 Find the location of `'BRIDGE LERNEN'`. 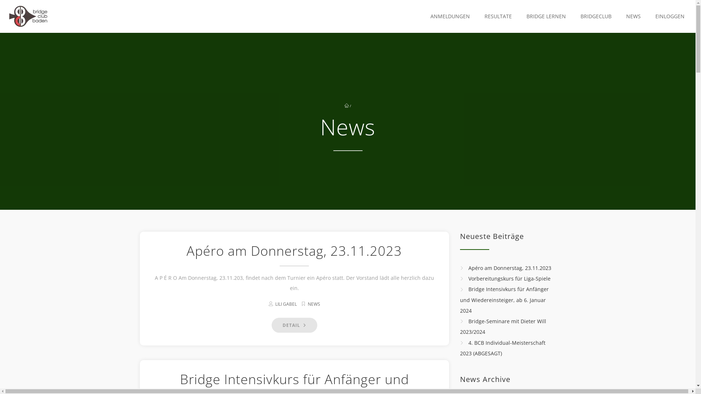

'BRIDGE LERNEN' is located at coordinates (544, 16).